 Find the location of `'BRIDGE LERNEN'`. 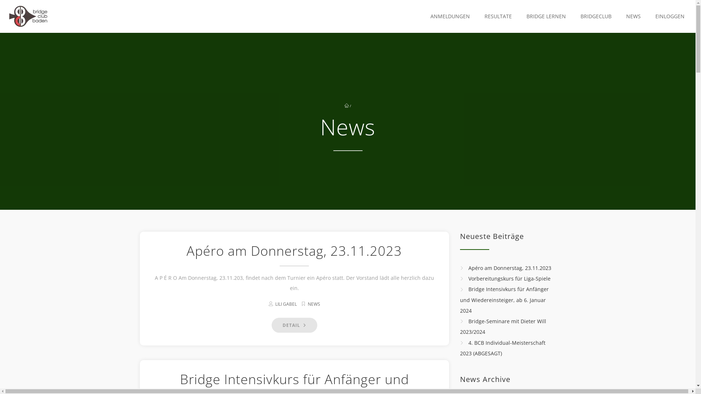

'BRIDGE LERNEN' is located at coordinates (544, 16).